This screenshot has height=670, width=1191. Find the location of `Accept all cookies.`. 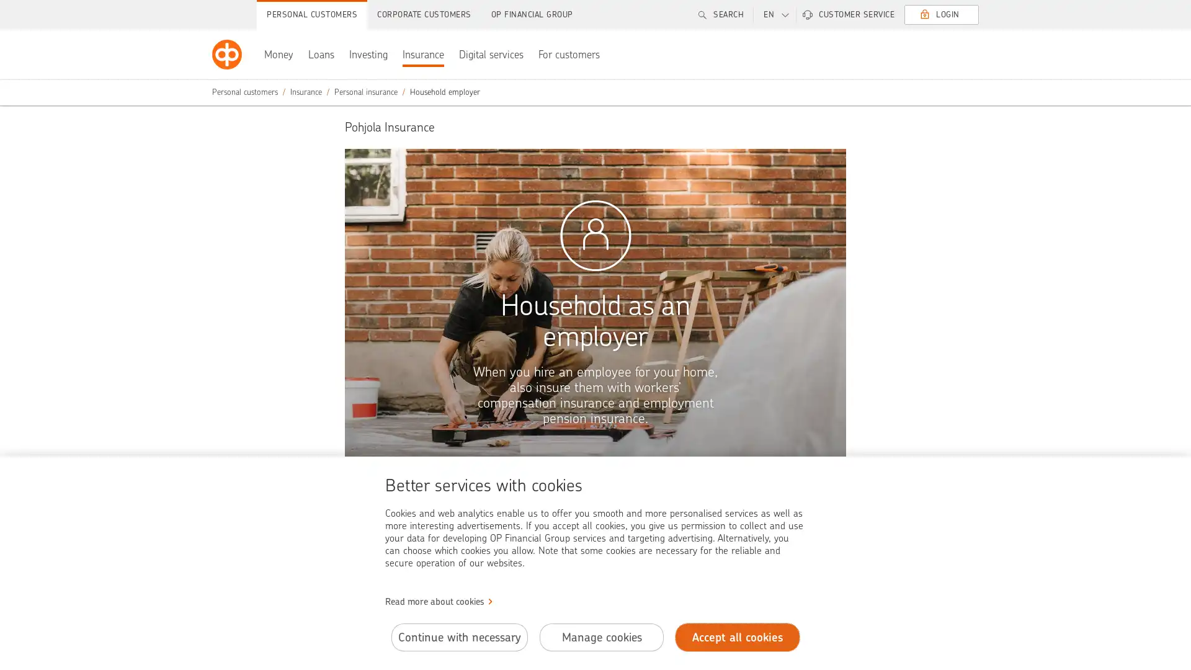

Accept all cookies. is located at coordinates (738, 637).